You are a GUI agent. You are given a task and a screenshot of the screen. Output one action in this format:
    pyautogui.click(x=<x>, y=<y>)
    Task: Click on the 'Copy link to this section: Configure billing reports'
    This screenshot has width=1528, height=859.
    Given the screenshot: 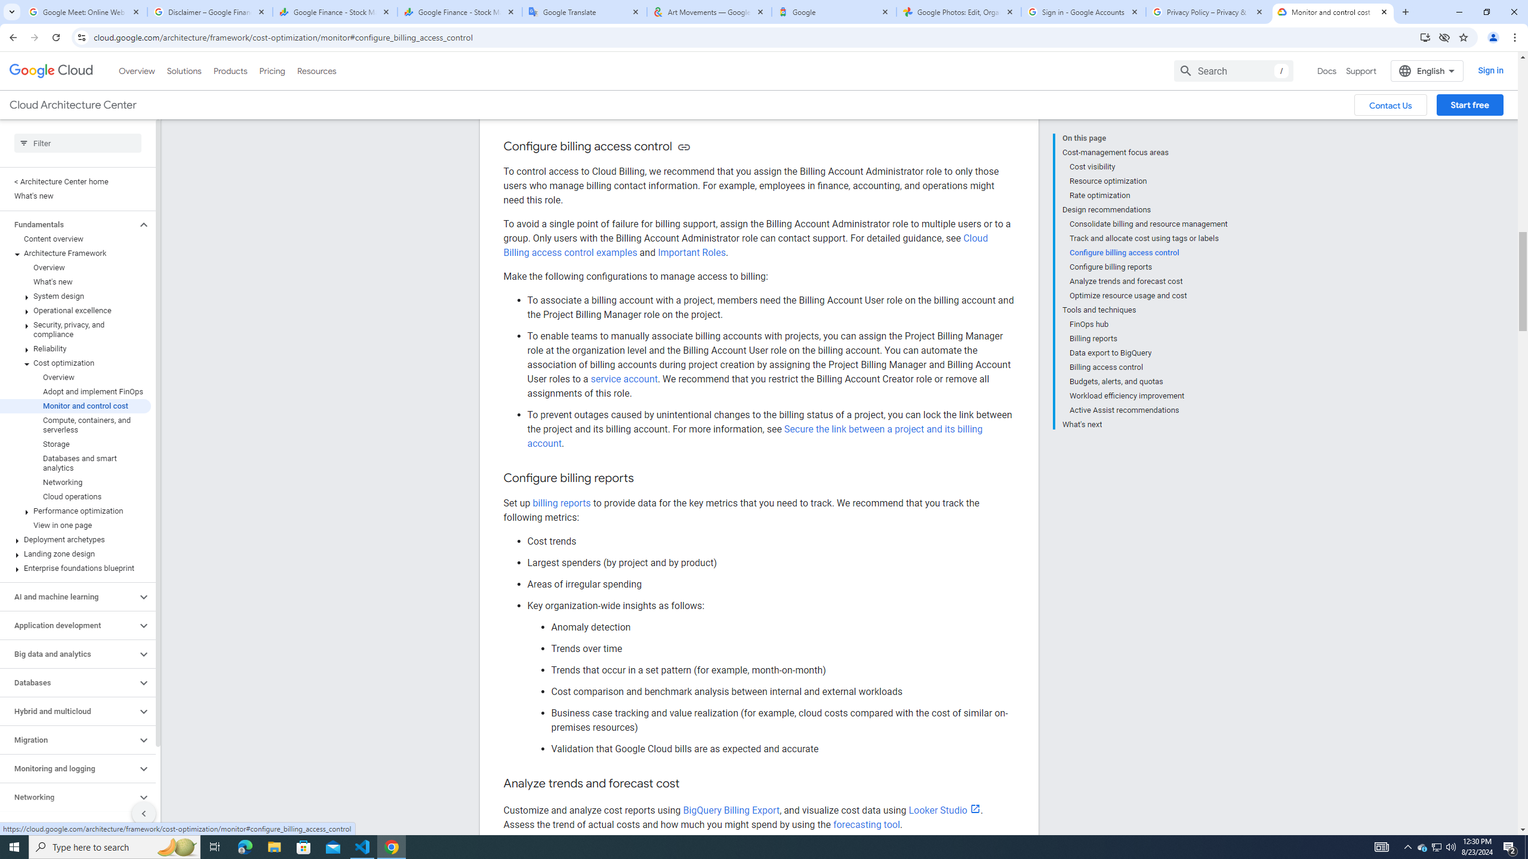 What is the action you would take?
    pyautogui.click(x=645, y=478)
    